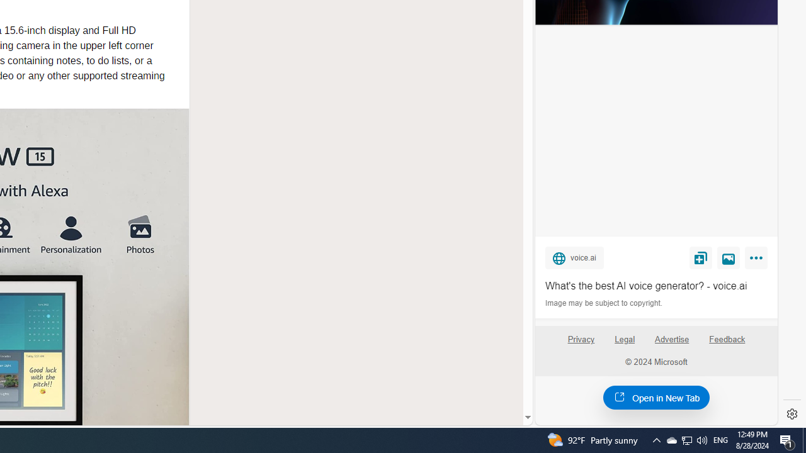  I want to click on 'View image', so click(729, 257).